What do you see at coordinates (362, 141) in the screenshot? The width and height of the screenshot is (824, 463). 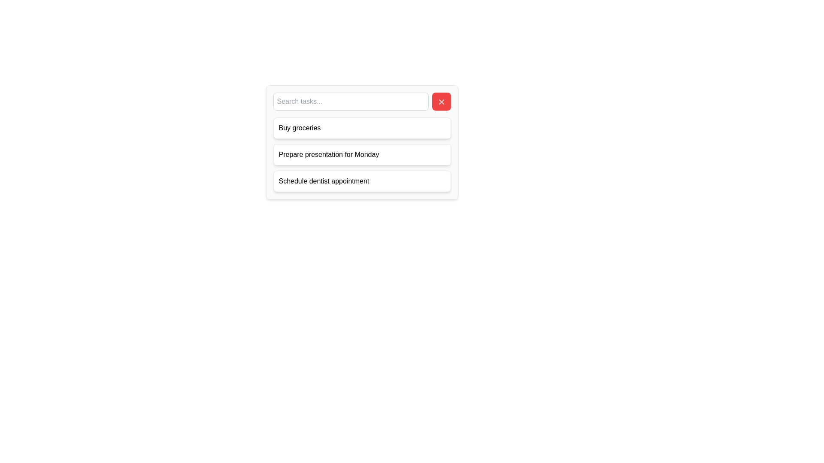 I see `on the second Text Display Box, which is a rounded rectangular card with a white background, located directly below the 'Buy groceries' card in a vertical stack` at bounding box center [362, 141].